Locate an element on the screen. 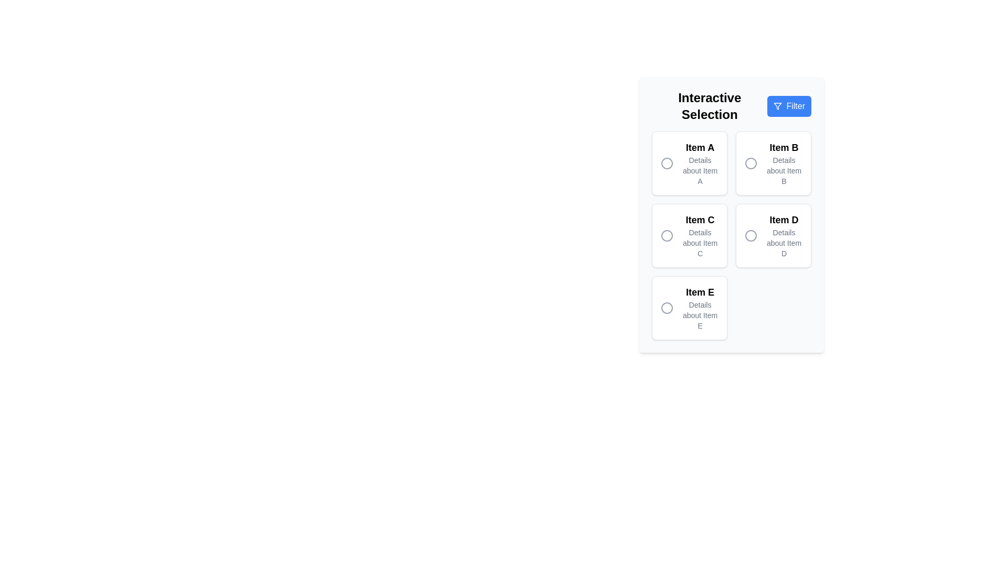 This screenshot has width=1007, height=566. the radio button for 'Item C', which is located in the interactive selection list on the right-hand panel is located at coordinates (667, 236).